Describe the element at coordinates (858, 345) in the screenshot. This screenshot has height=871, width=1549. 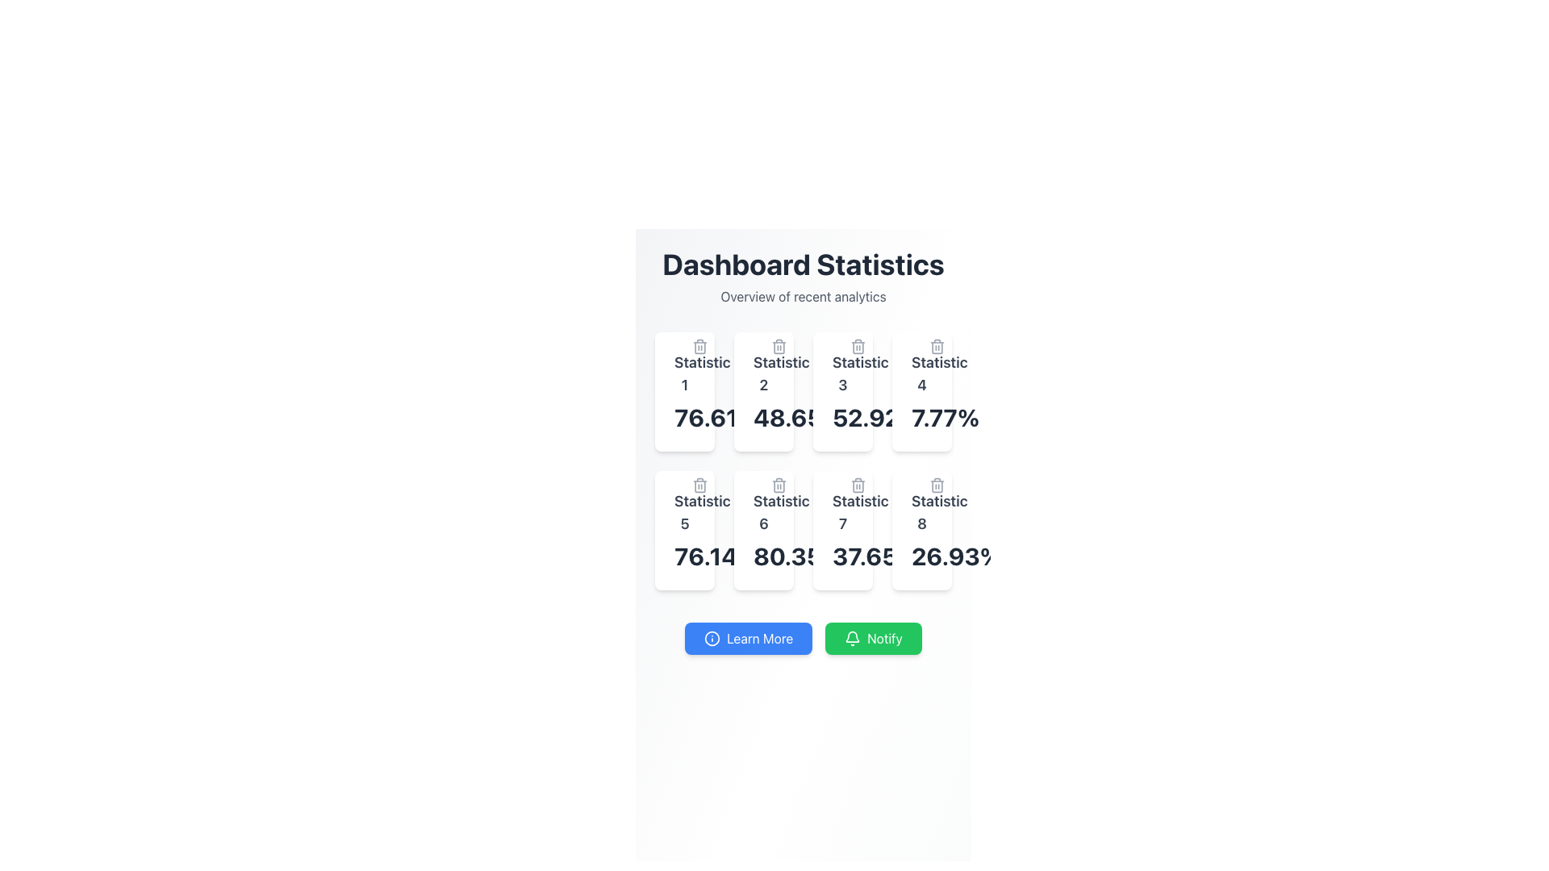
I see `the Trash can icon (delete button) located at the top-right corner of the card displaying 'Statistic 3' and '52.92%' to change its color indicating interactivity` at that location.